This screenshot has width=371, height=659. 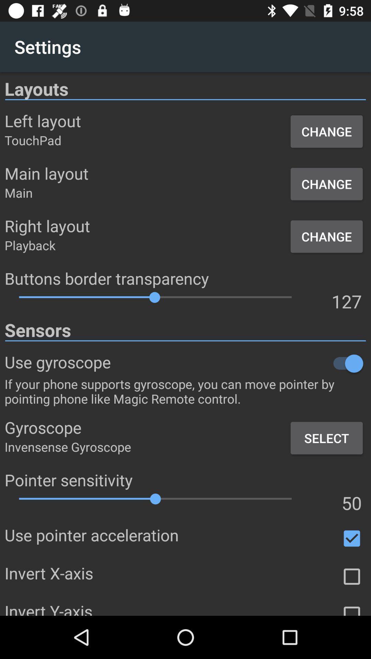 What do you see at coordinates (238, 363) in the screenshot?
I see `item to the right of use gyroscope icon` at bounding box center [238, 363].